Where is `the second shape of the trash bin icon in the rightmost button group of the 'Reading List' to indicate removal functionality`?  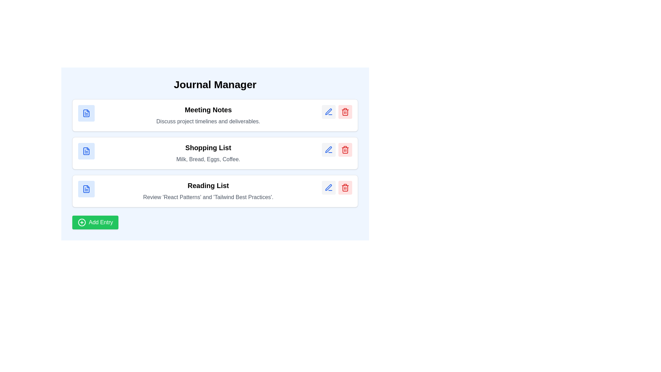
the second shape of the trash bin icon in the rightmost button group of the 'Reading List' to indicate removal functionality is located at coordinates (345, 150).